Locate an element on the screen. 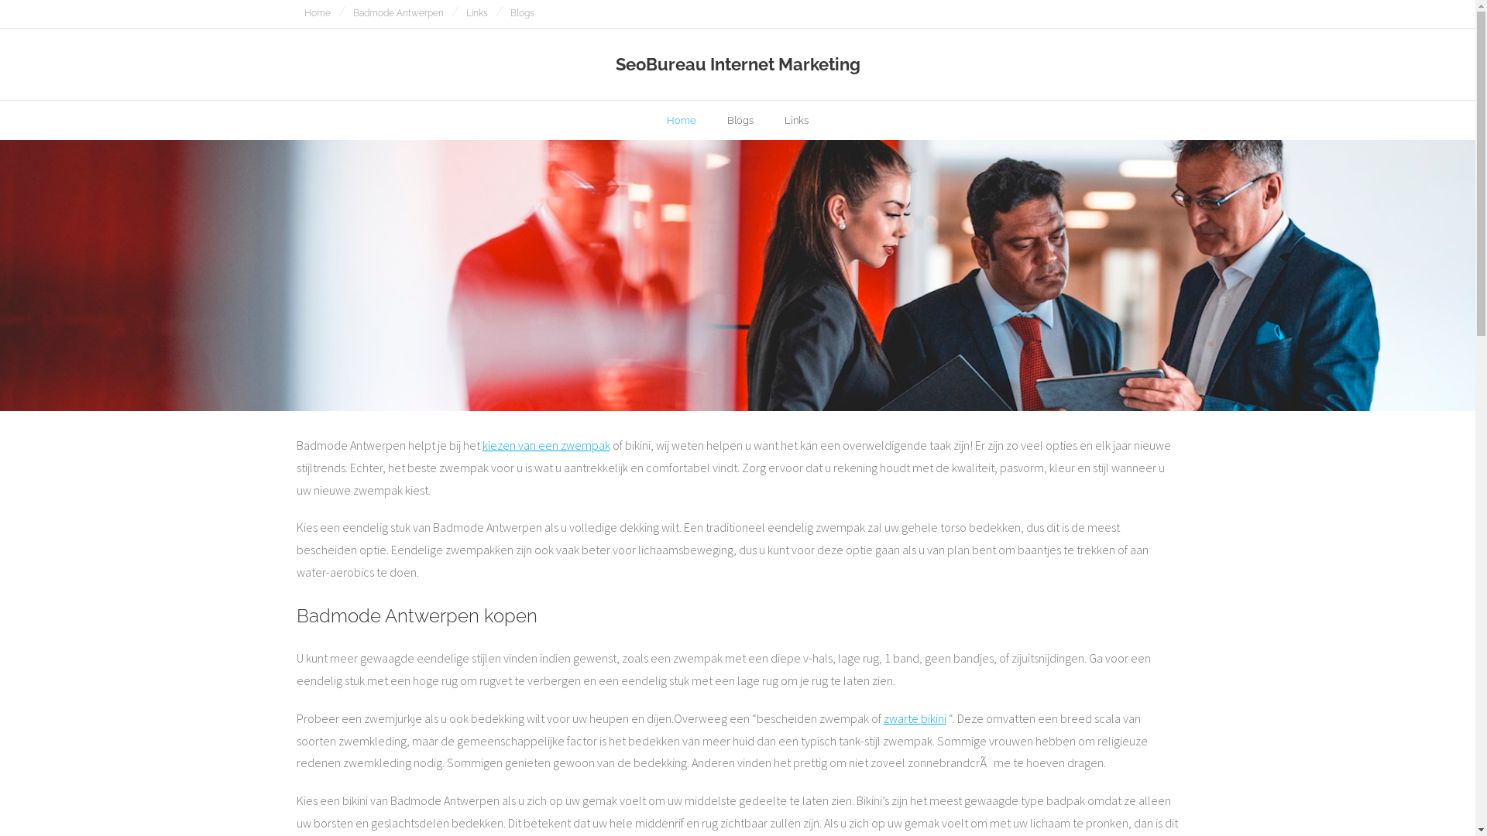 Image resolution: width=1487 pixels, height=836 pixels. 'Badmode Antwerpen' is located at coordinates (398, 14).